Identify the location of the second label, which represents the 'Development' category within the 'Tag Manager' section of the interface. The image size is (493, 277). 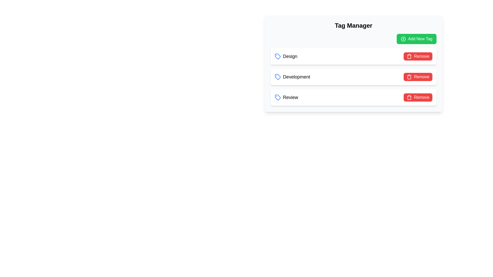
(297, 77).